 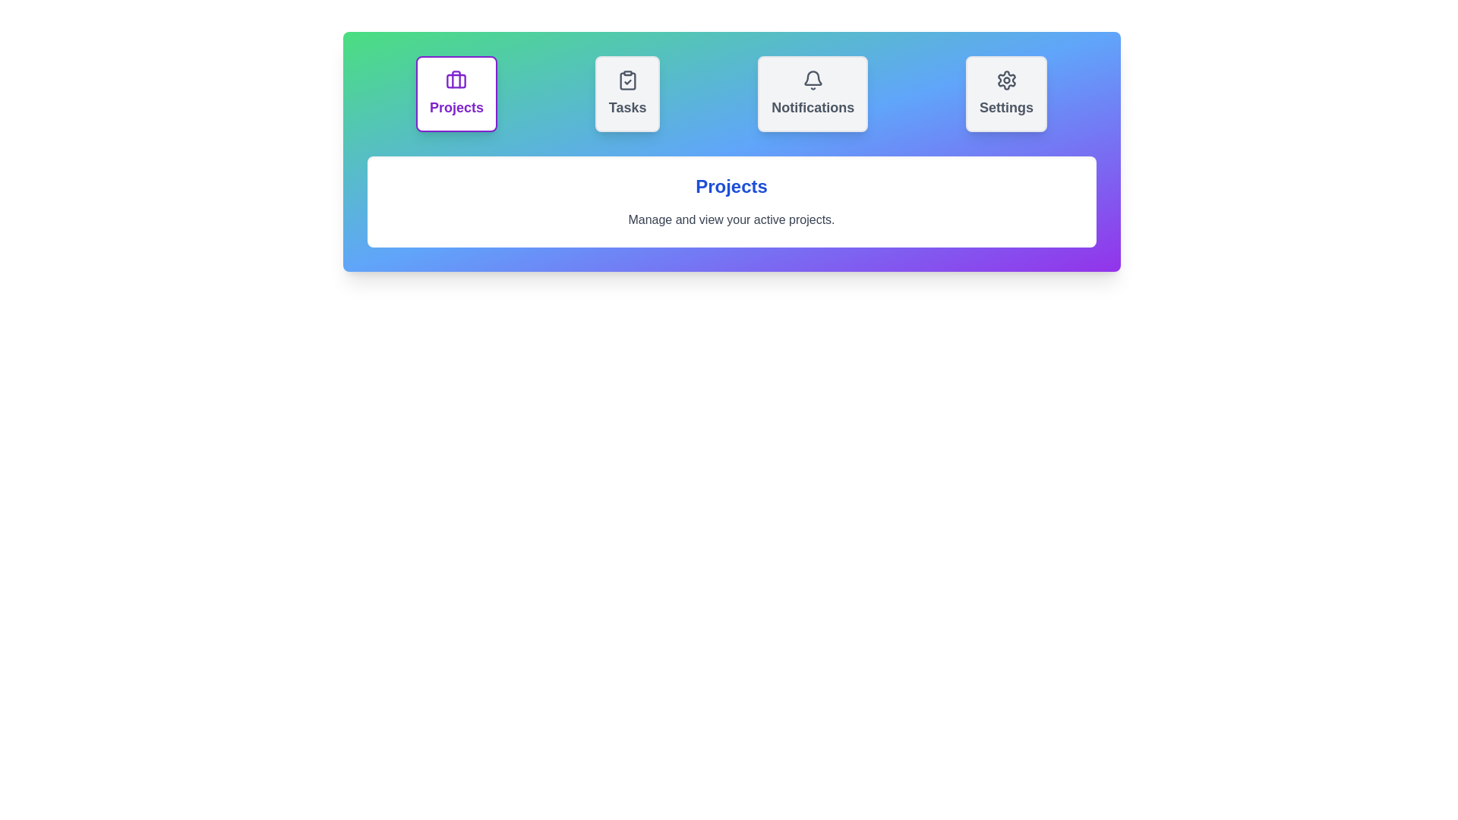 I want to click on the tab labeled Tasks to observe its hover effect, so click(x=626, y=93).